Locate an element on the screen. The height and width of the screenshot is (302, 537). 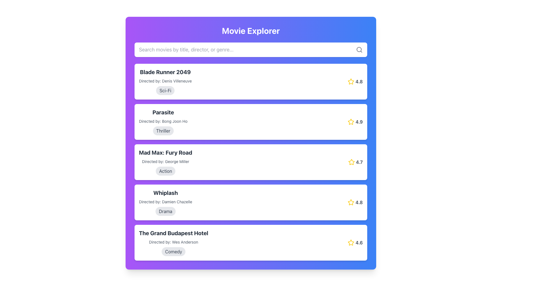
the numerical rating text label located on the right side of the third movie entry ('Mad Max: Fury Road'), adjacent to a yellow star icon is located at coordinates (359, 162).